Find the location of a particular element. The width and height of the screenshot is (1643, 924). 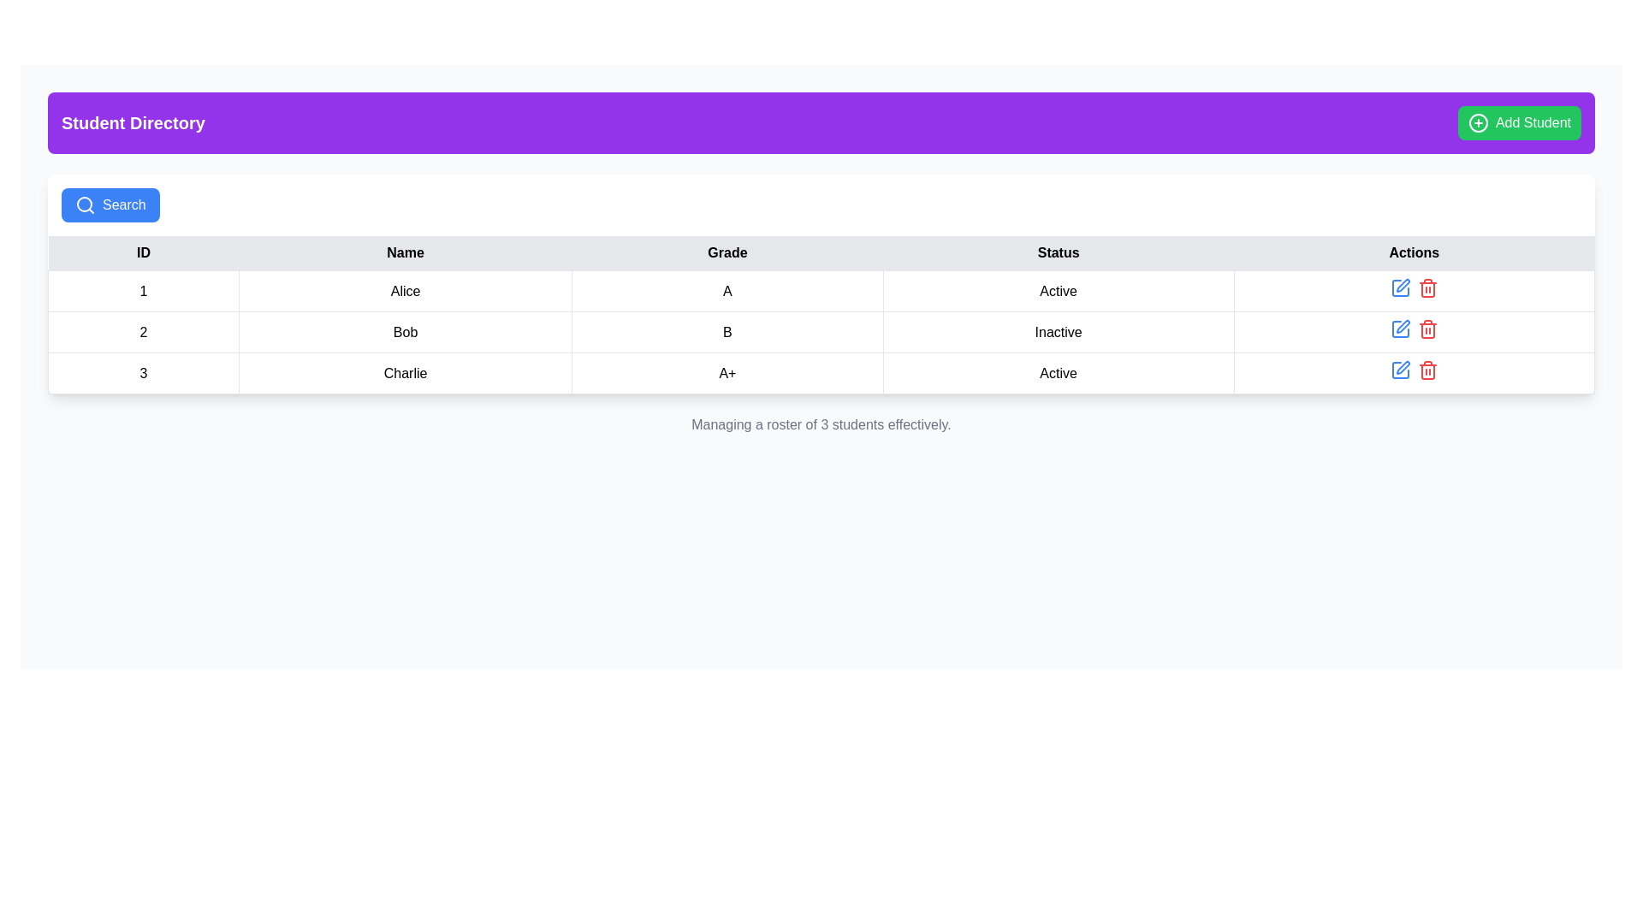

the non-interactive text label displaying the grade of the student named 'Bob' in the third cell of the table's 'Grade' column is located at coordinates (727, 332).